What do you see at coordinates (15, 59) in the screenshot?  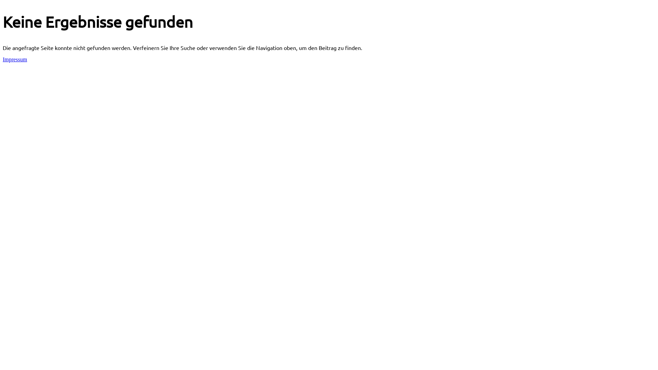 I see `'Impressum'` at bounding box center [15, 59].